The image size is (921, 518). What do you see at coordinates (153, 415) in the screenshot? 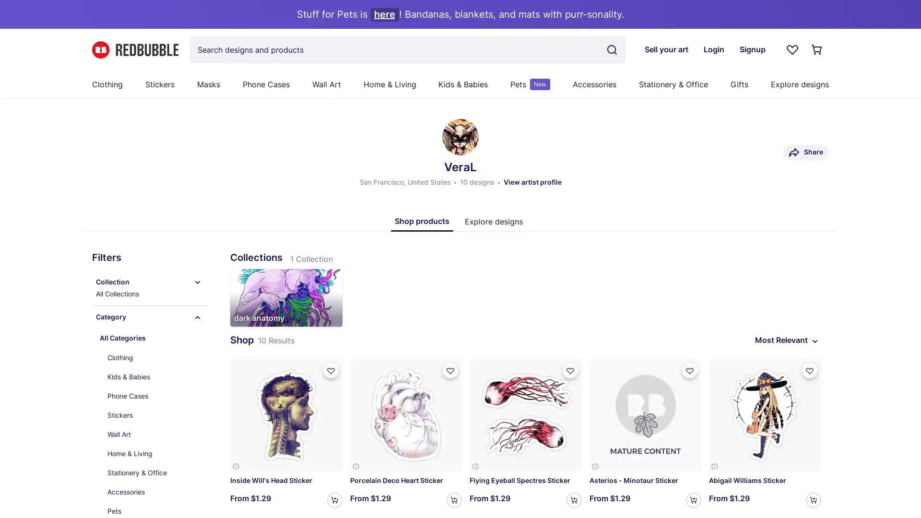
I see `Stickers` at bounding box center [153, 415].